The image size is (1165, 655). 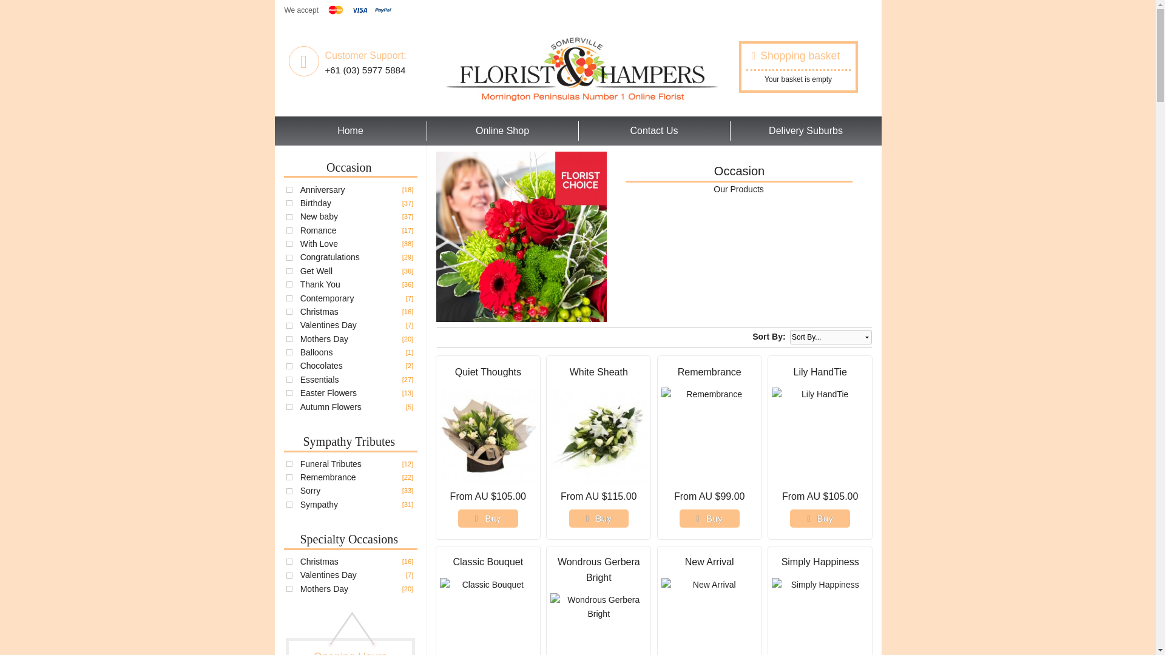 What do you see at coordinates (273, 131) in the screenshot?
I see `'Home'` at bounding box center [273, 131].